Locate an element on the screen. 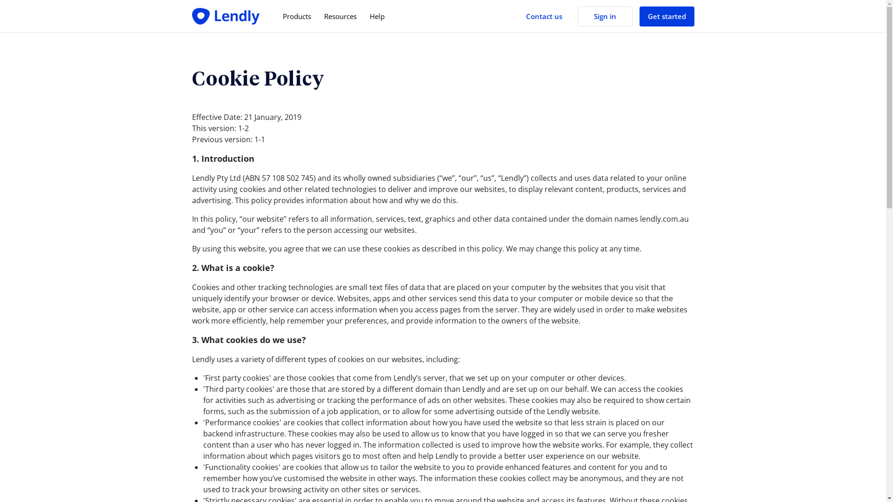  'Products' is located at coordinates (296, 16).